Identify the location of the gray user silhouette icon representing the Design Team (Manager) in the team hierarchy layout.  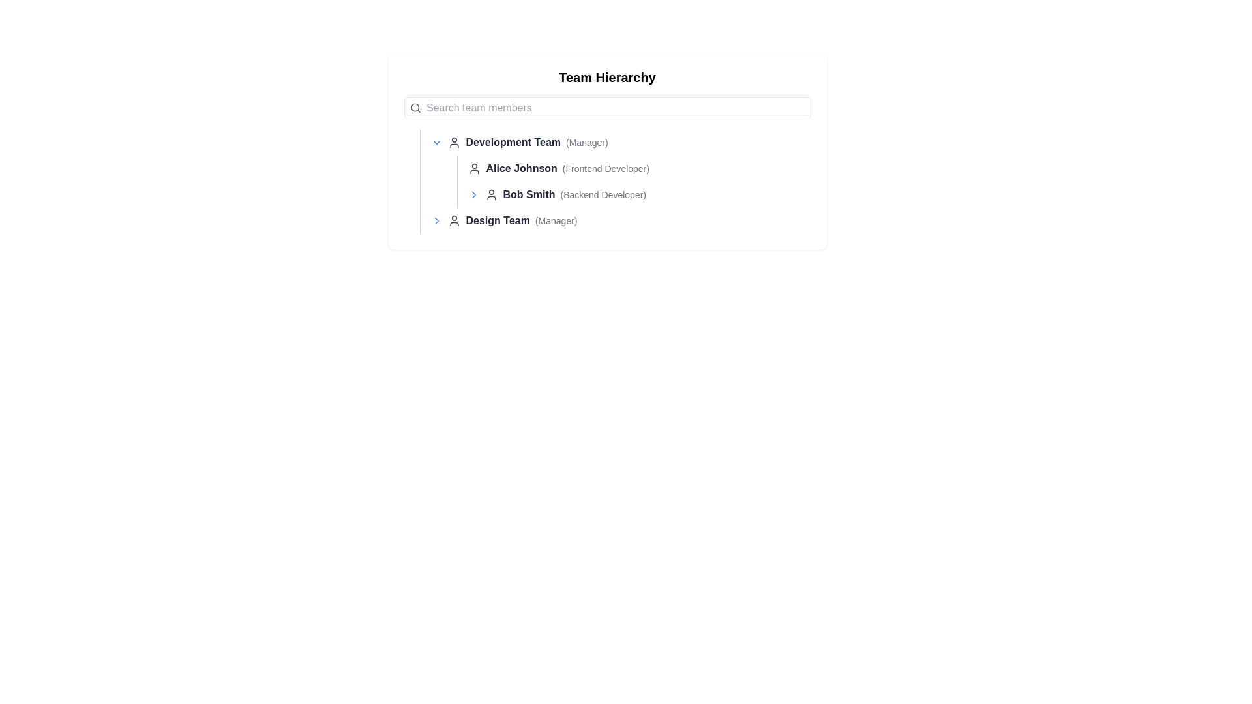
(454, 220).